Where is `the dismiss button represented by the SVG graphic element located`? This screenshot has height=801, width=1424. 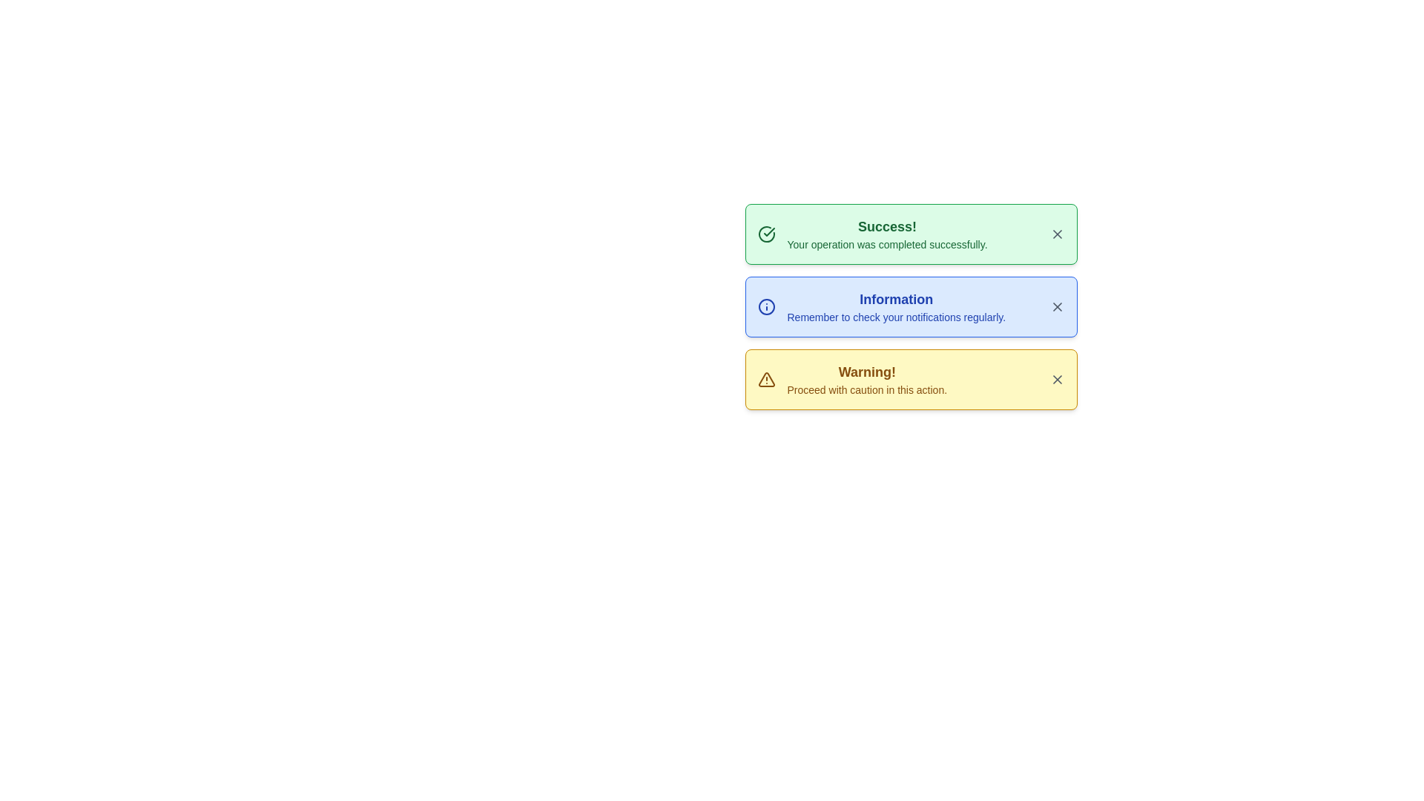
the dismiss button represented by the SVG graphic element located is located at coordinates (1056, 306).